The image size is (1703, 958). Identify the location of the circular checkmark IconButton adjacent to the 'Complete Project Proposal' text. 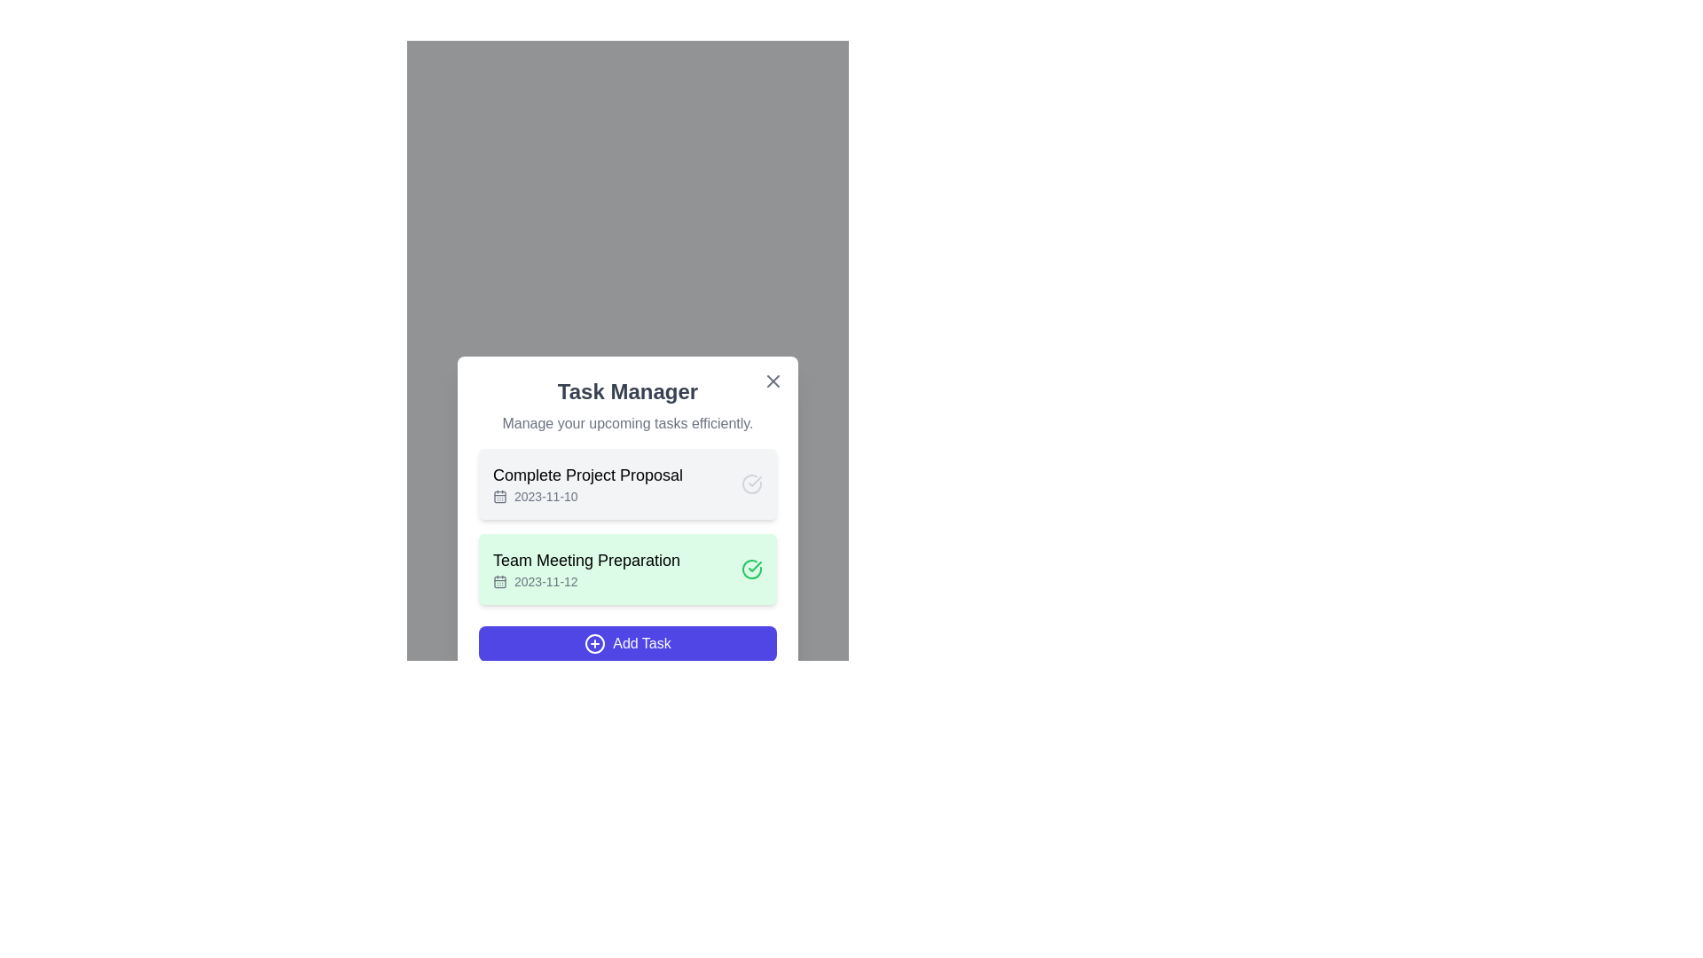
(752, 484).